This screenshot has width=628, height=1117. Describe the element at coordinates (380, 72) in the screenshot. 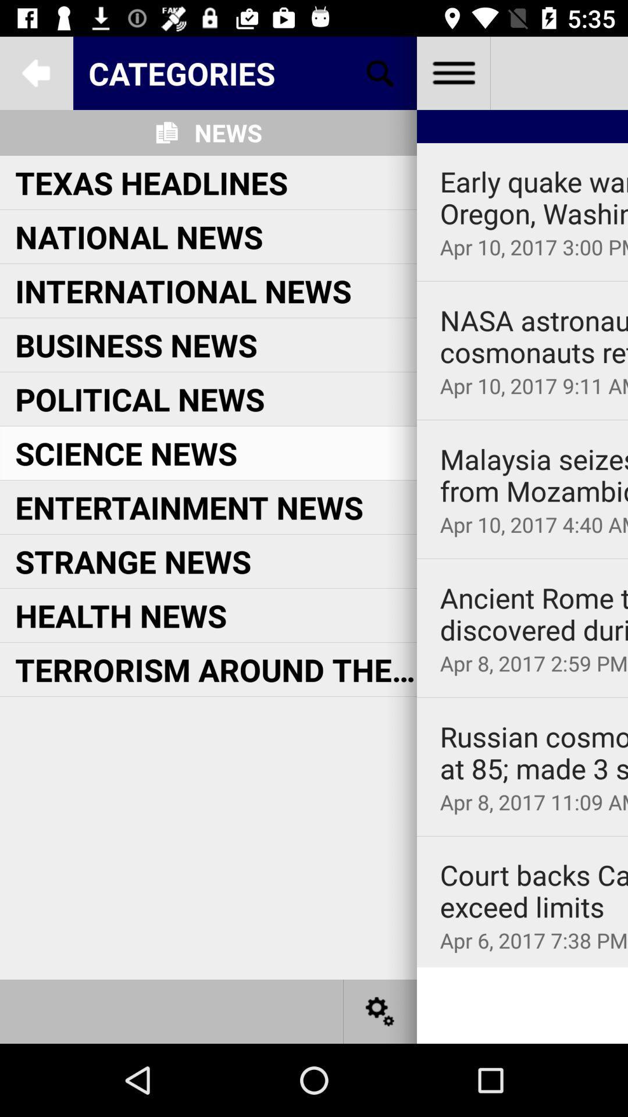

I see `icon next to the news` at that location.